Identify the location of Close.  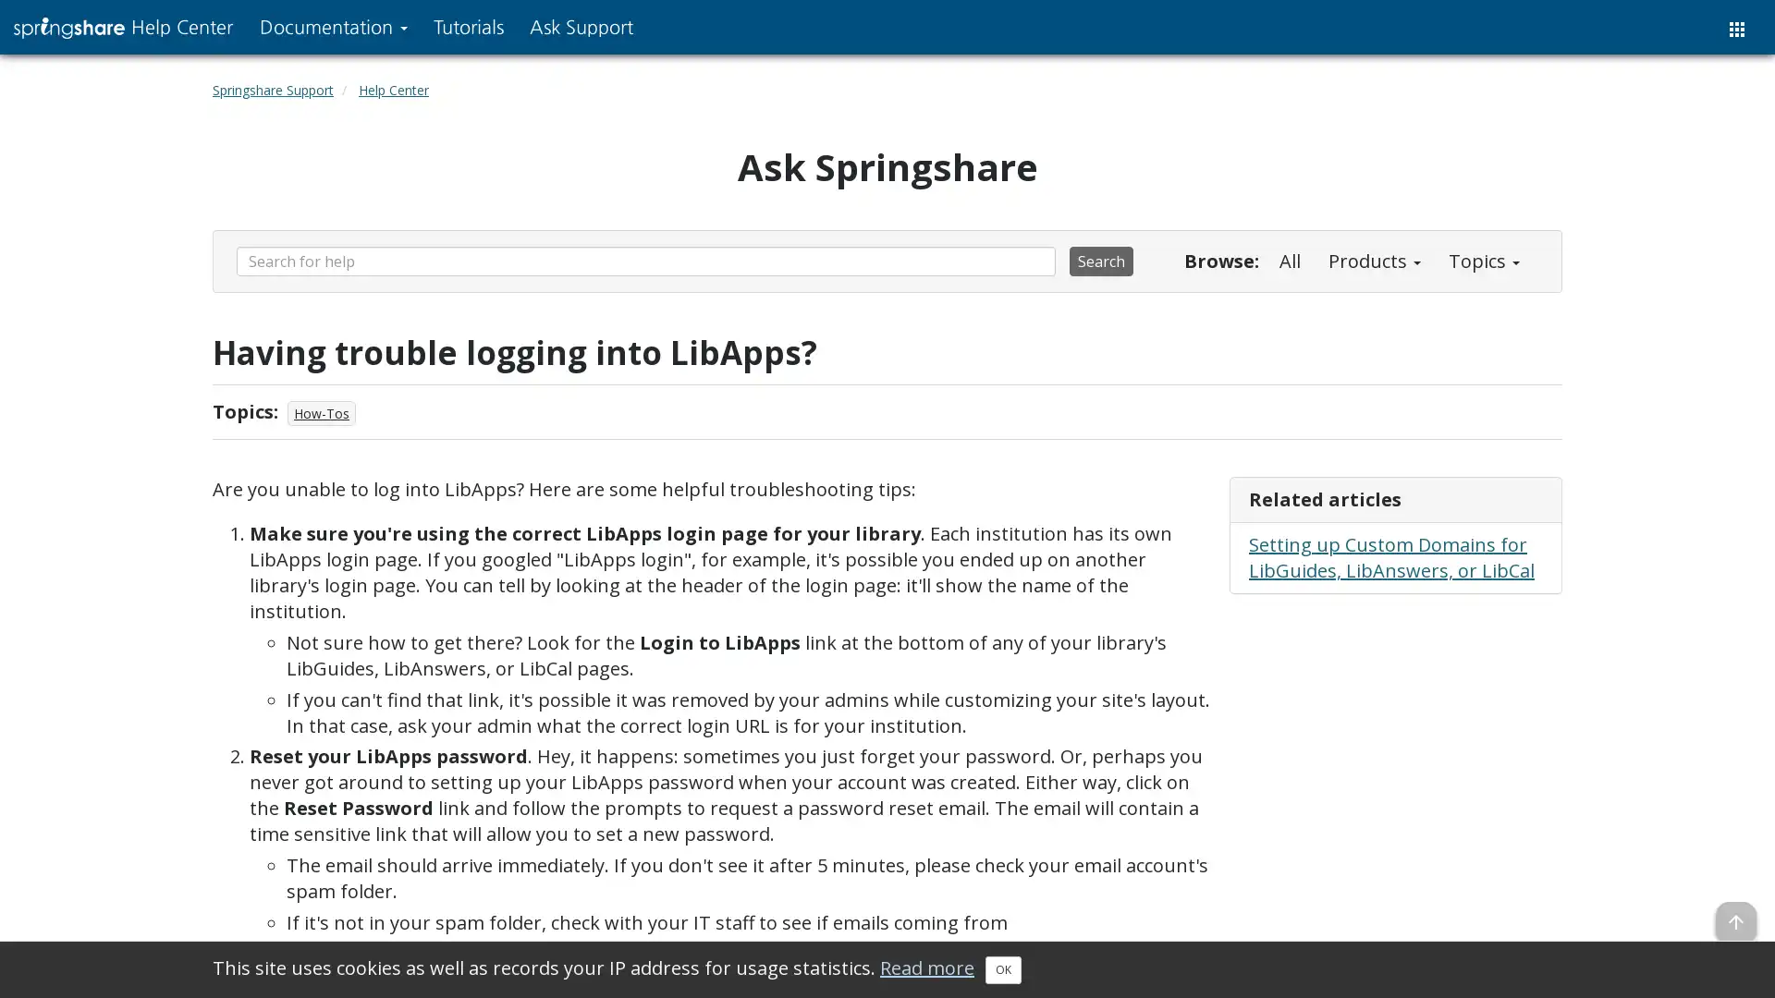
(1002, 968).